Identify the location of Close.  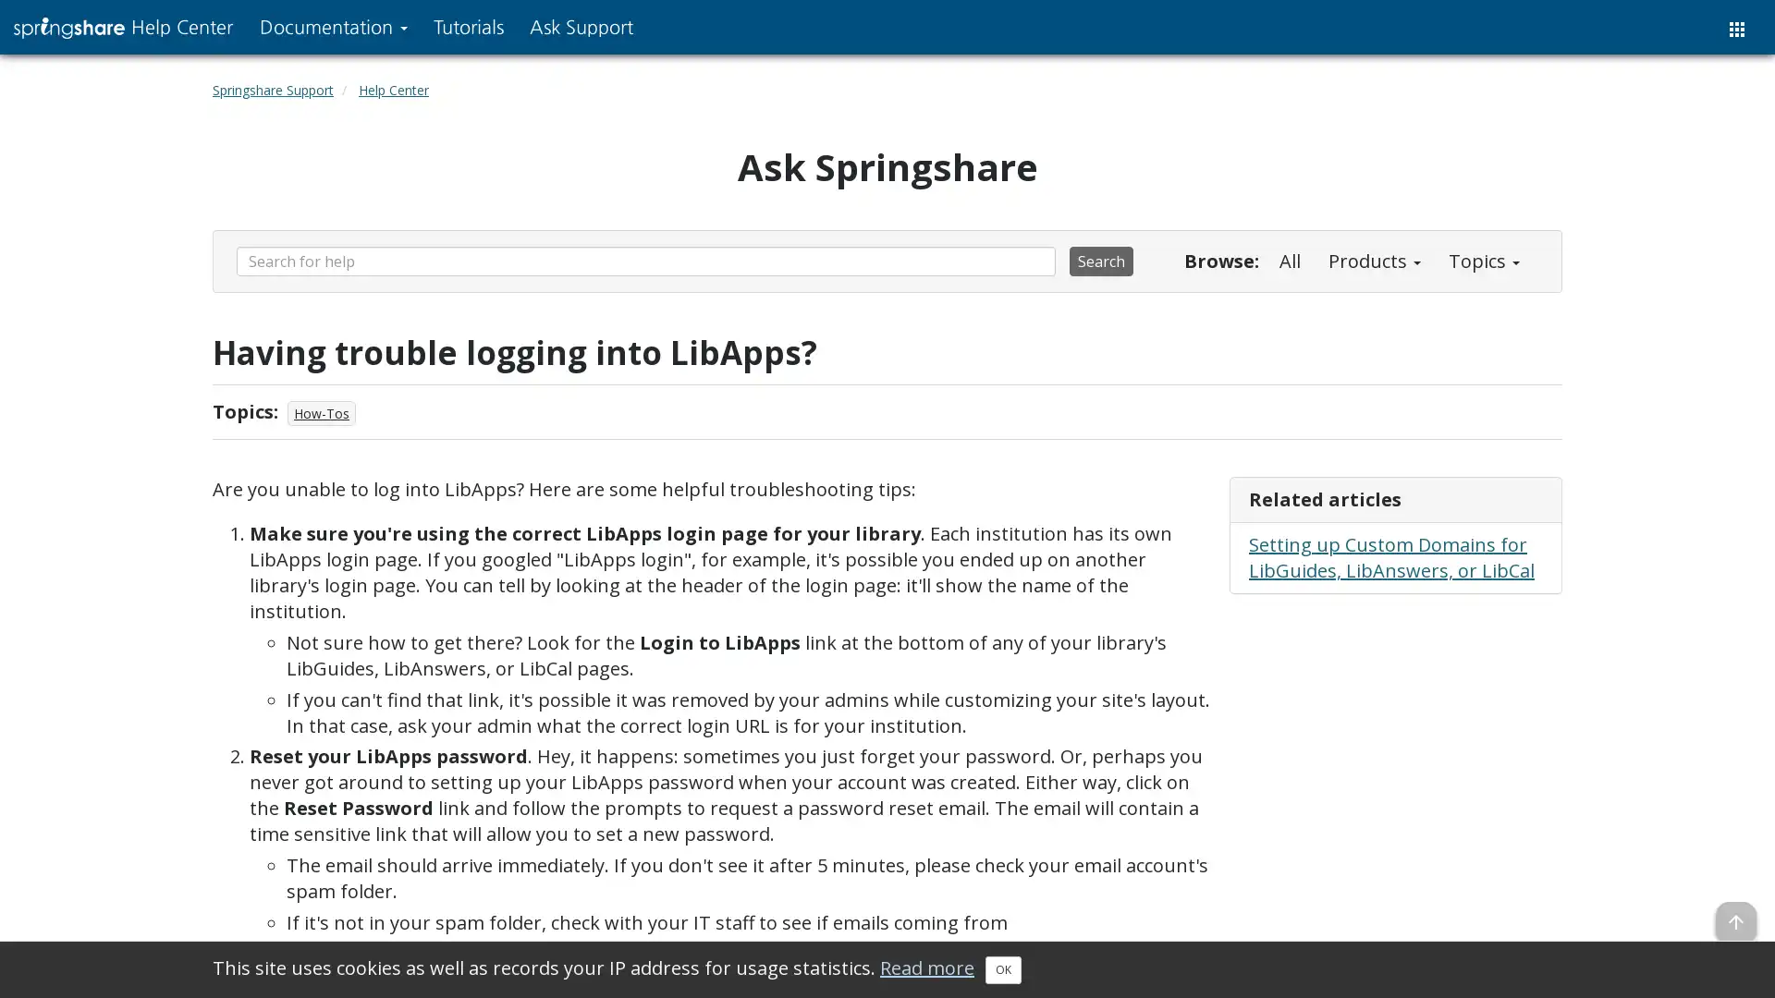
(1002, 968).